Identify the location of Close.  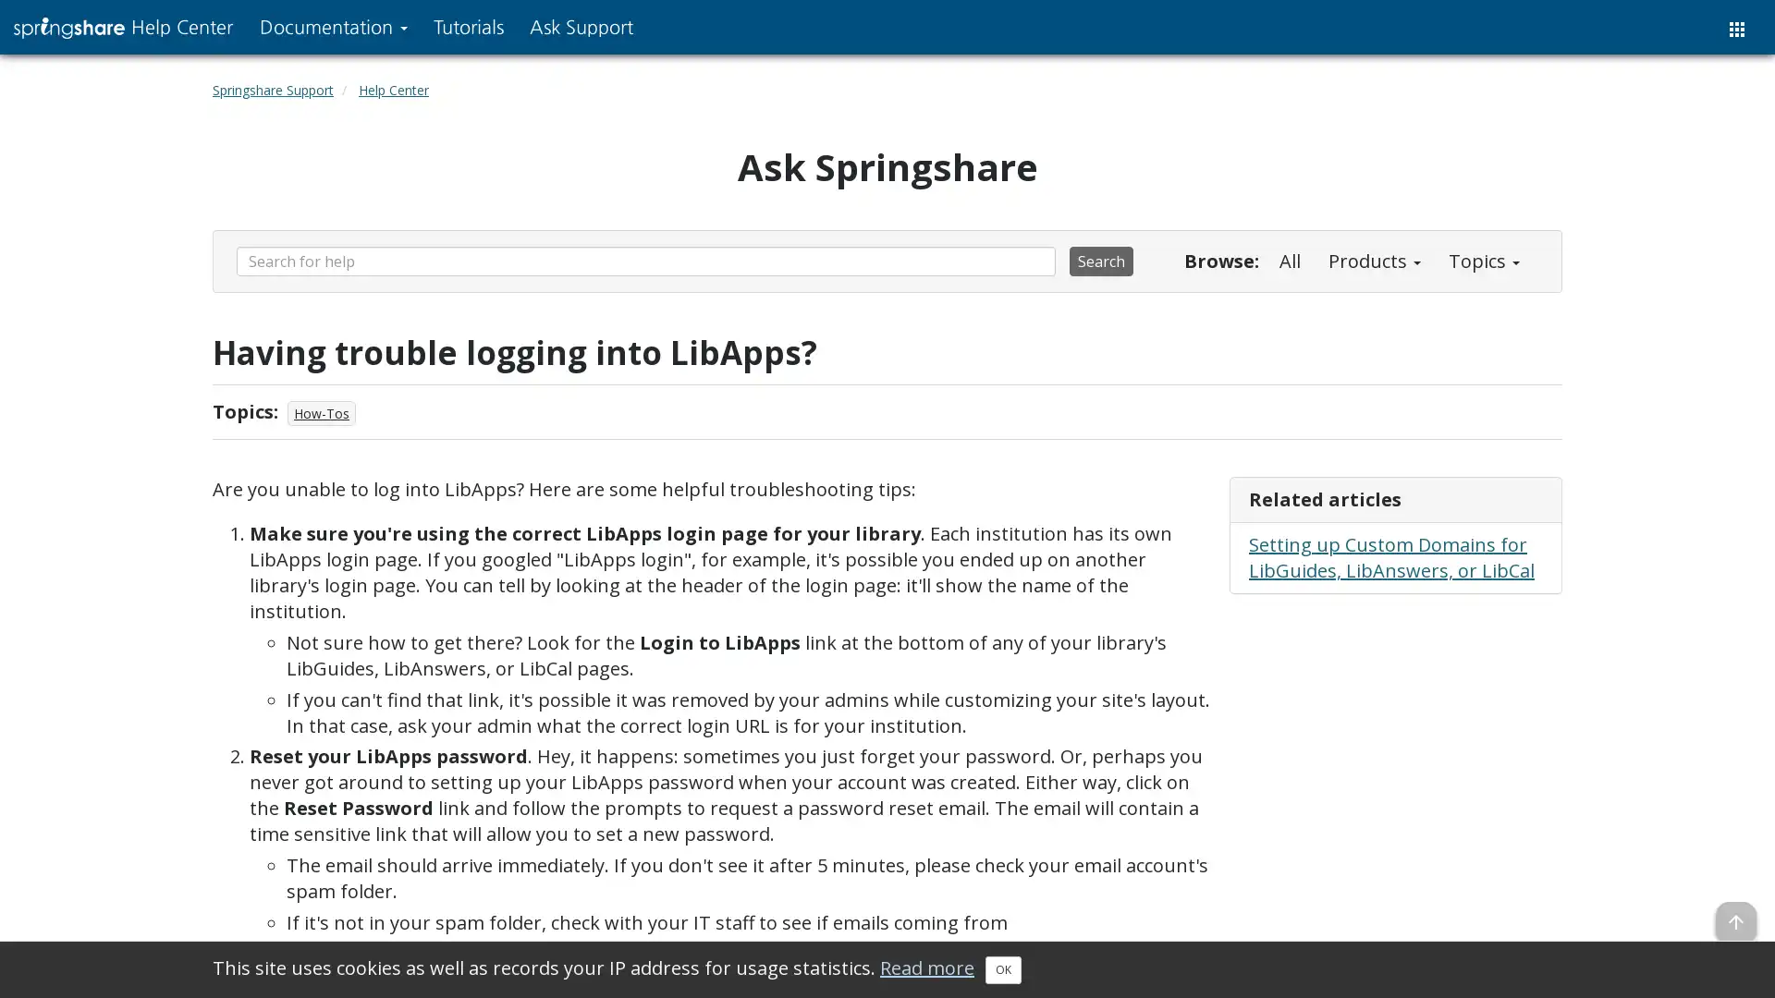
(1002, 968).